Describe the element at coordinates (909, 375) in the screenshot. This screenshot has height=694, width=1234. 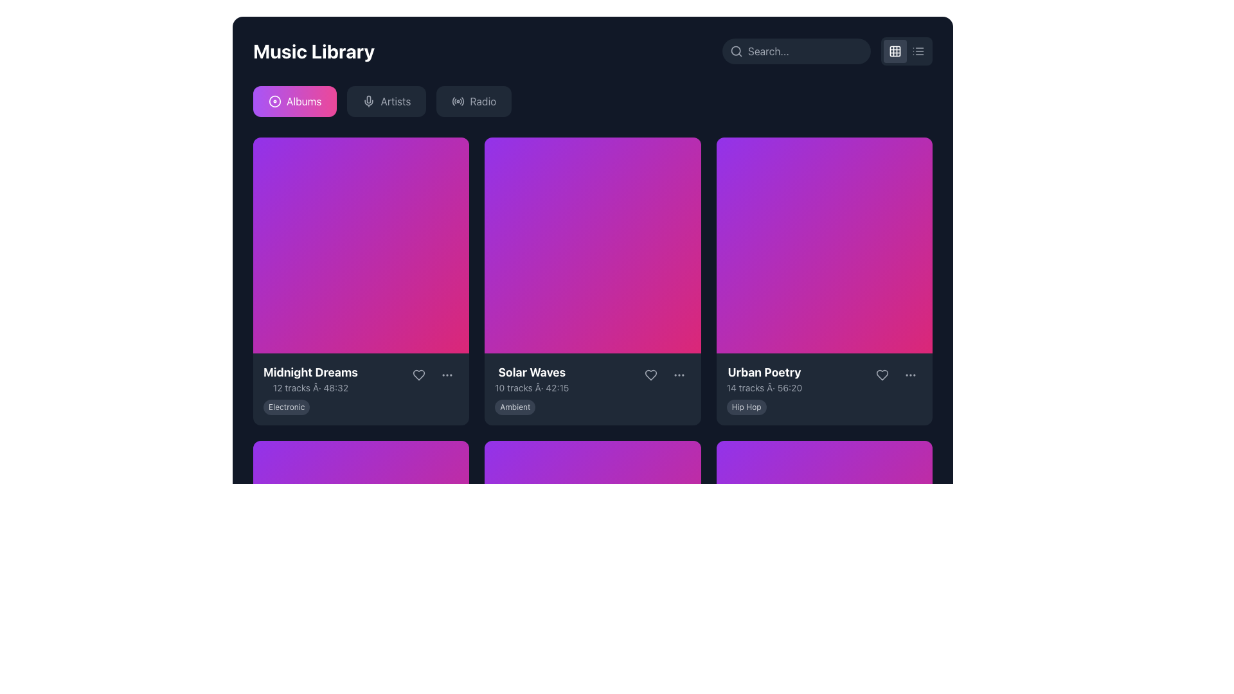
I see `the ellipsis icon located in the bottom-right corner of the 'Urban Poetry' card, which serves as a menu toggle for additional options` at that location.